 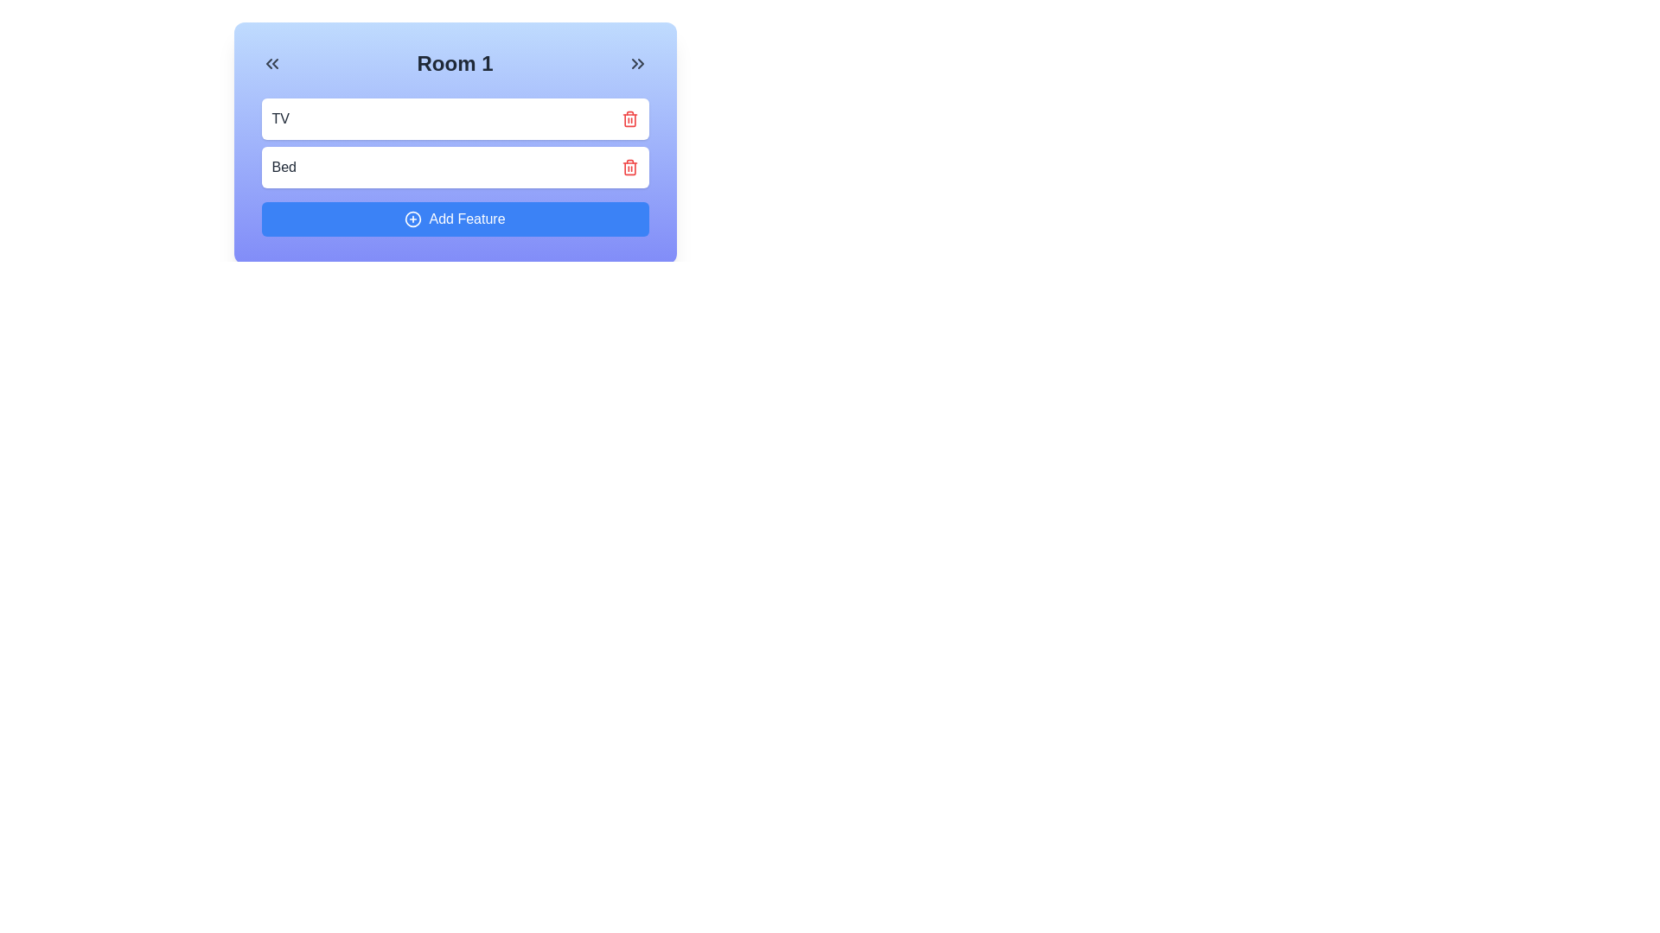 I want to click on the left chevron SVG icon in the top-right corner of the interface, so click(x=634, y=62).